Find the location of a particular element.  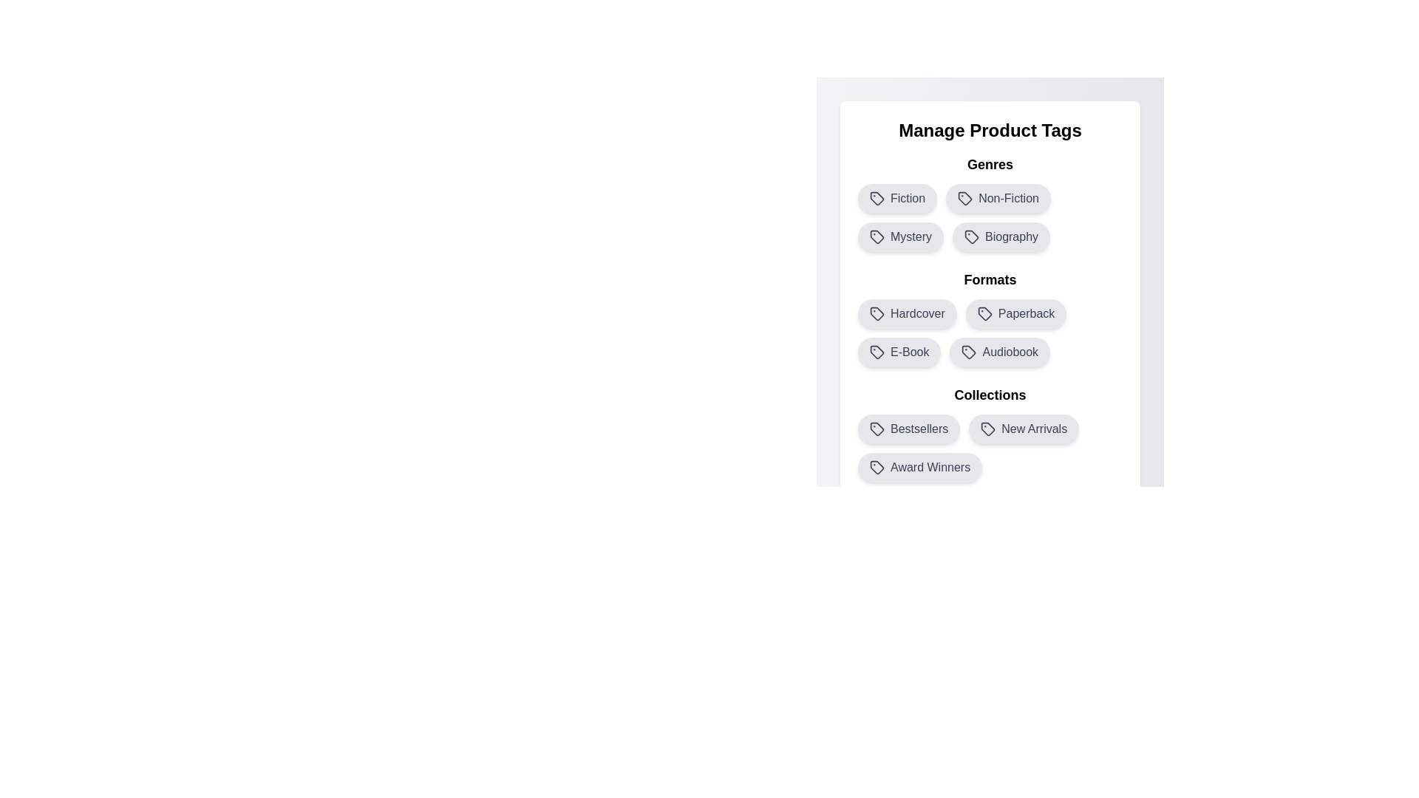

the geometric tag-shaped icon located in the second row of the 'Genres' section beneath the 'Manage Product Tags' heading is located at coordinates (877, 236).